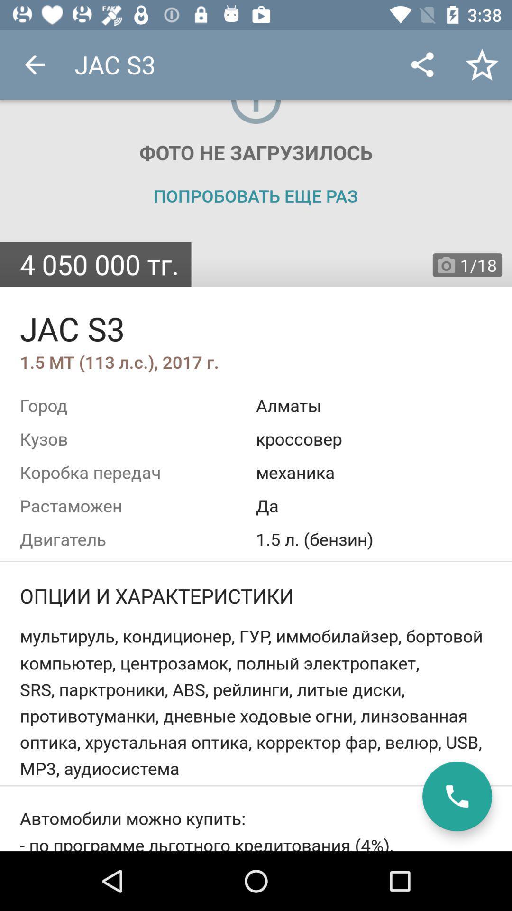 Image resolution: width=512 pixels, height=911 pixels. What do you see at coordinates (256, 114) in the screenshot?
I see `the icon top center of the page` at bounding box center [256, 114].